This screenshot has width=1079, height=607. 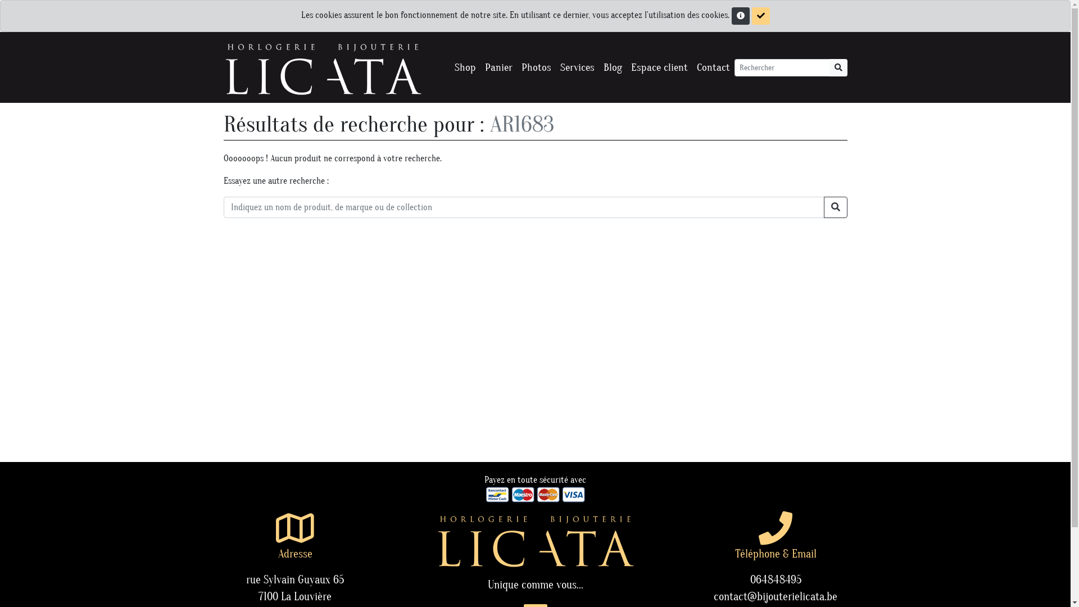 What do you see at coordinates (775, 596) in the screenshot?
I see `'contact@bijouterielicata.be'` at bounding box center [775, 596].